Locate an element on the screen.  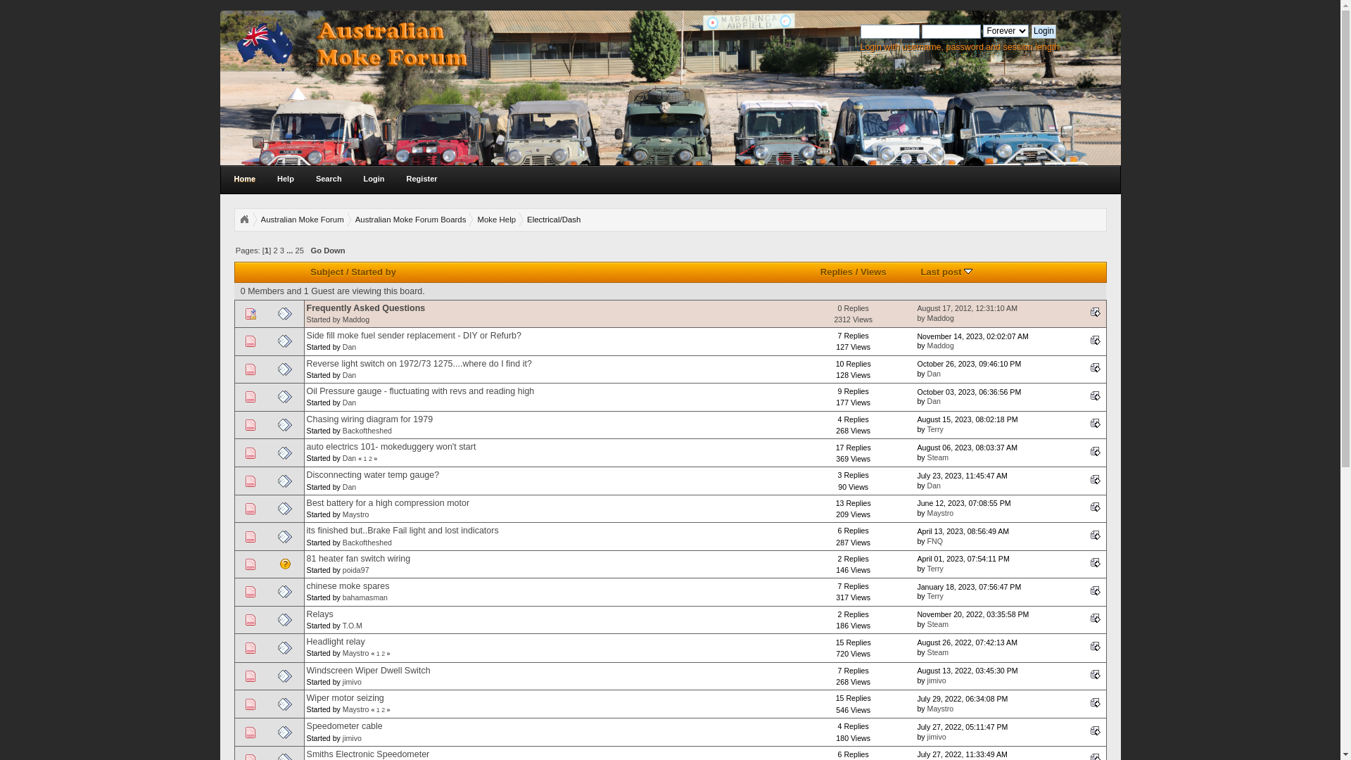
'Last post' is located at coordinates (1086, 339).